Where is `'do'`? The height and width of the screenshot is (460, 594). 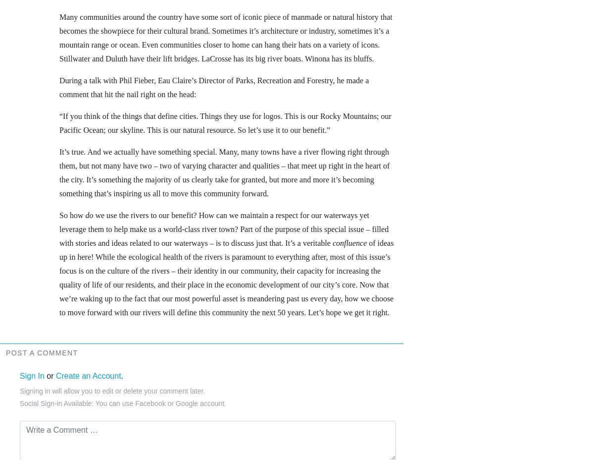 'do' is located at coordinates (89, 215).